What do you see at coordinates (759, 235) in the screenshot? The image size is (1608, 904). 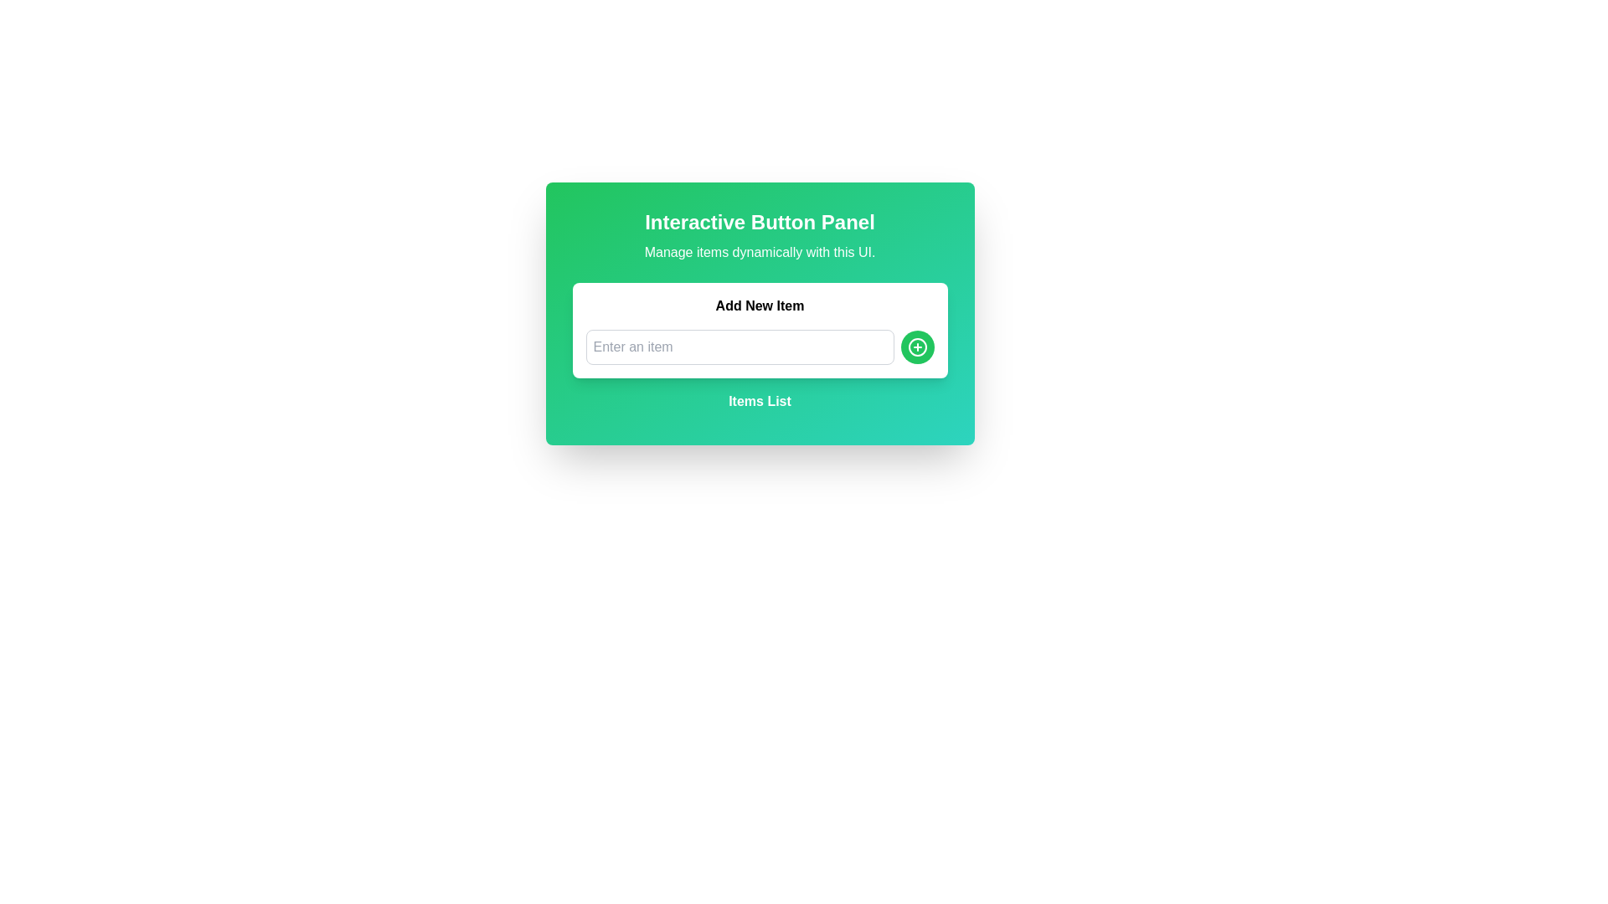 I see `text element that contains 'Interactive Button Panel' and 'Manage items dynamically with this UI.' which is center-aligned on a green gradient background` at bounding box center [759, 235].